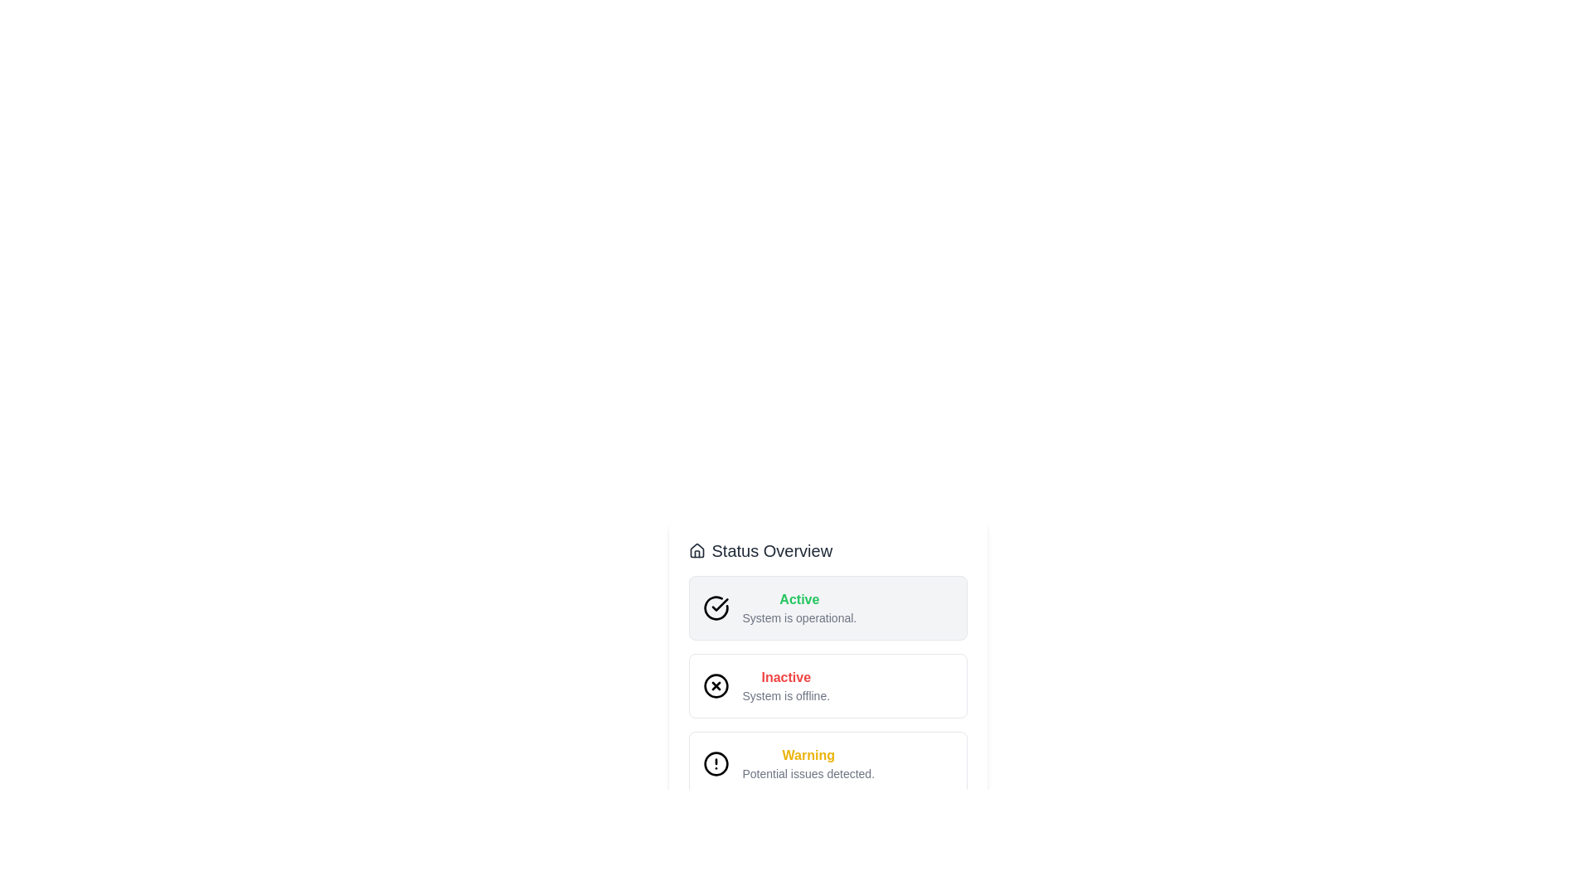 The image size is (1592, 895). Describe the element at coordinates (696, 550) in the screenshot. I see `the lower portion of the house-shaped icon, which represents the 'home' functionality in the navigation section, located at the center of the context image above the 'Status Overview' heading` at that location.